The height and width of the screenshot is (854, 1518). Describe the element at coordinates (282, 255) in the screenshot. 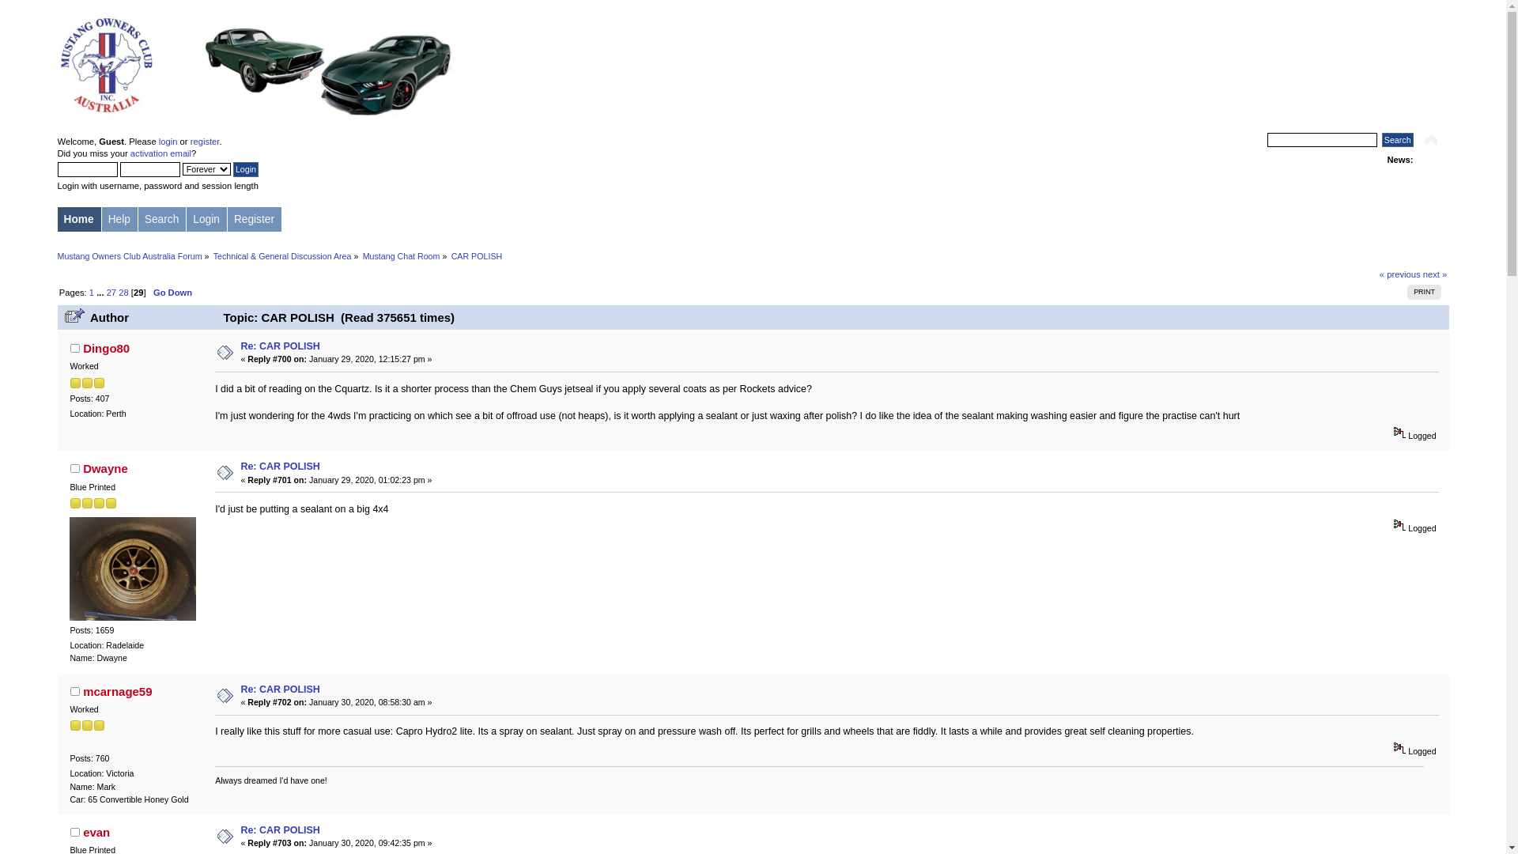

I see `'Technical & General Discussion Area'` at that location.